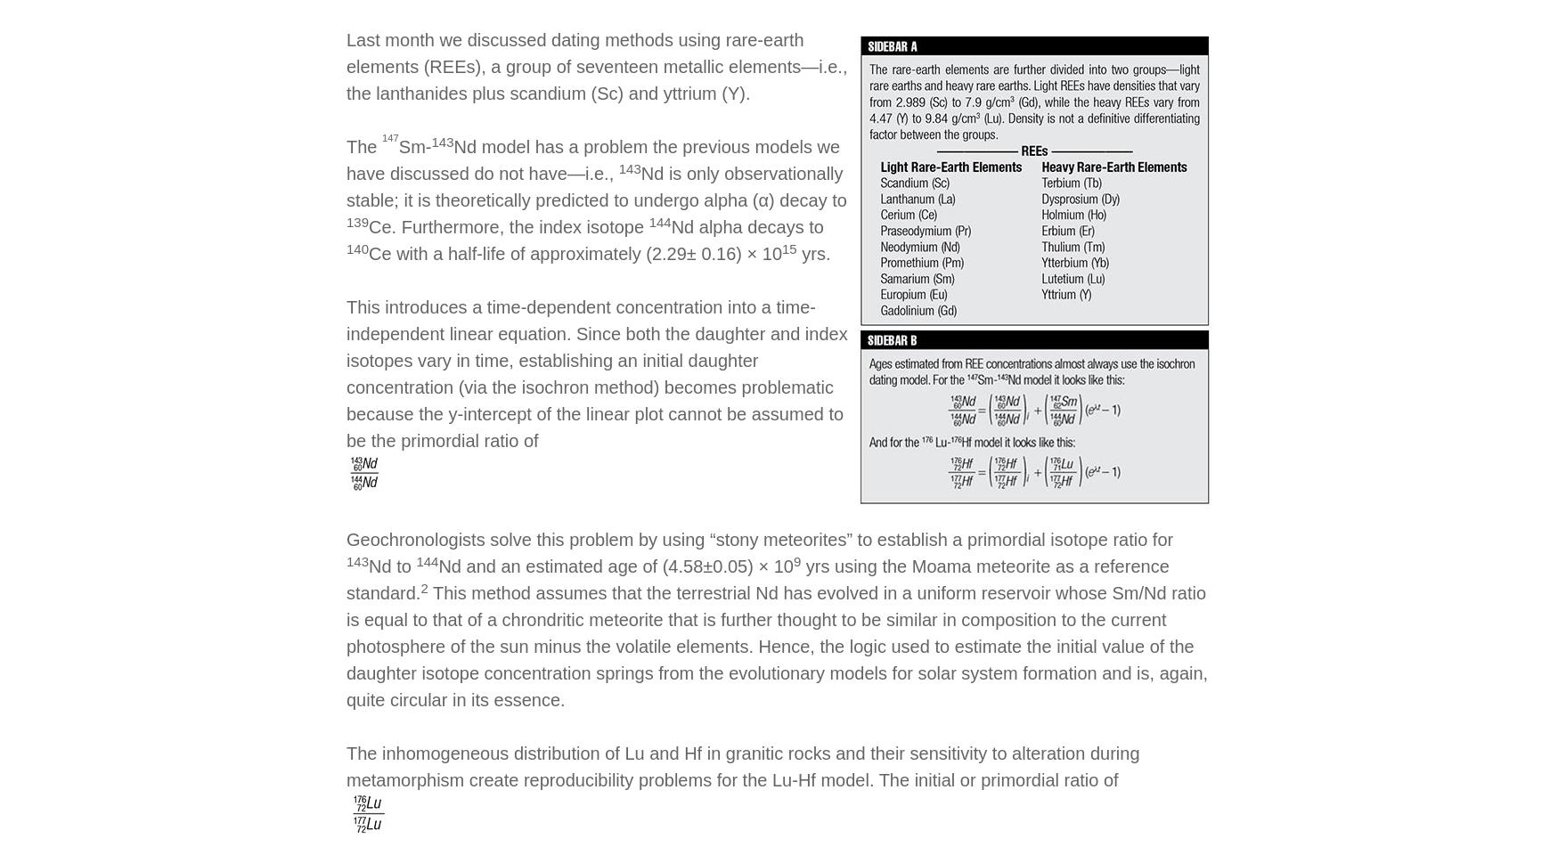 The height and width of the screenshot is (847, 1566). What do you see at coordinates (776, 645) in the screenshot?
I see `'This method assumes that the terrestrial Nd has evolved in a uniform reservoir whose Sm/Nd ratio is equal to that of a chrondritic meteorite that is further thought to be similar in composition to the current photosphere of the sun minus the volatile elements. Hence, the logic used to estimate the initial value of the daughter isotope concentration springs from the evolutionary models for solar system formation and is, again, quite circular in its essence.'` at bounding box center [776, 645].